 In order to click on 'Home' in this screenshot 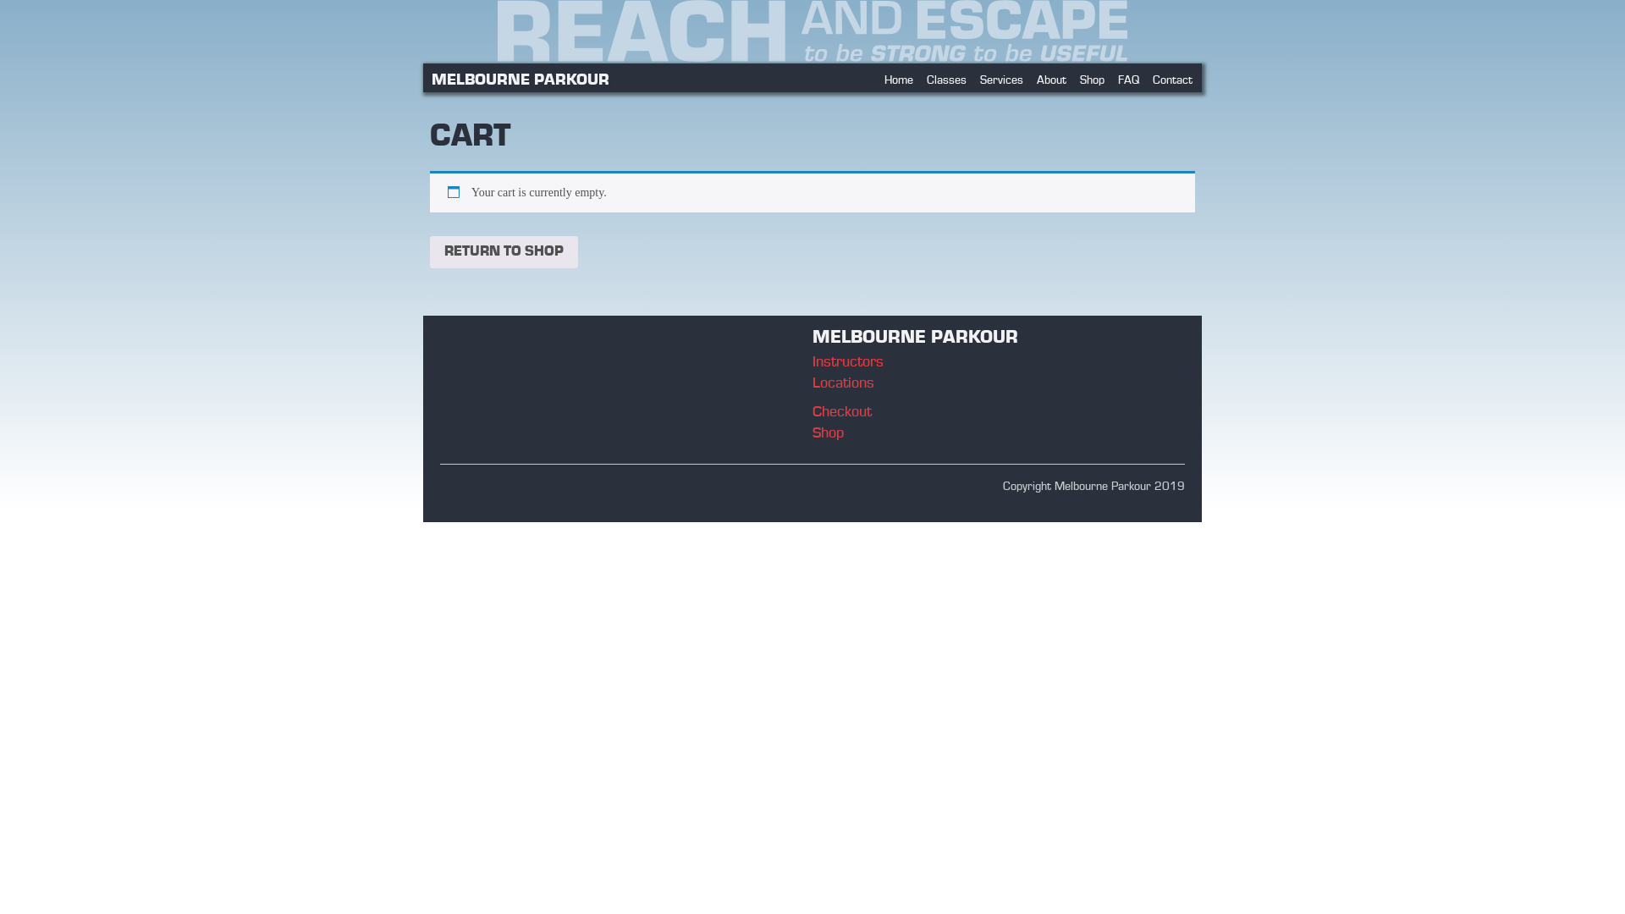, I will do `click(877, 80)`.